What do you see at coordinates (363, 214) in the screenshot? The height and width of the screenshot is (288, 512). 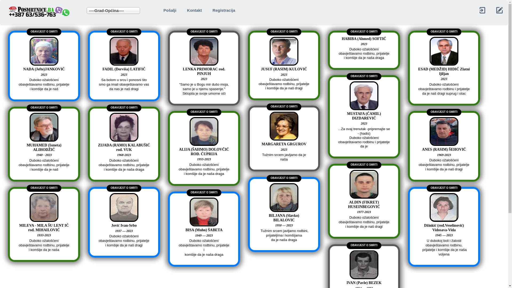 I see `'1977-2023'` at bounding box center [363, 214].